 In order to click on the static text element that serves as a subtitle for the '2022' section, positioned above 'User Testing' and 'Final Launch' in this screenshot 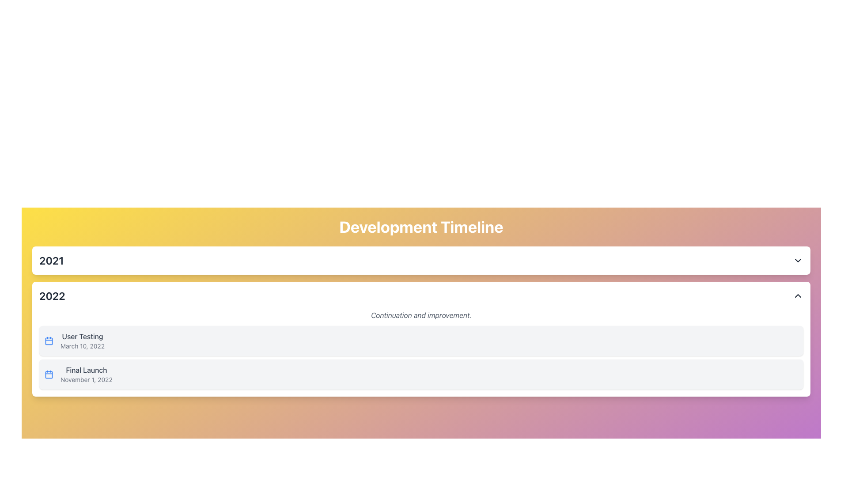, I will do `click(421, 314)`.